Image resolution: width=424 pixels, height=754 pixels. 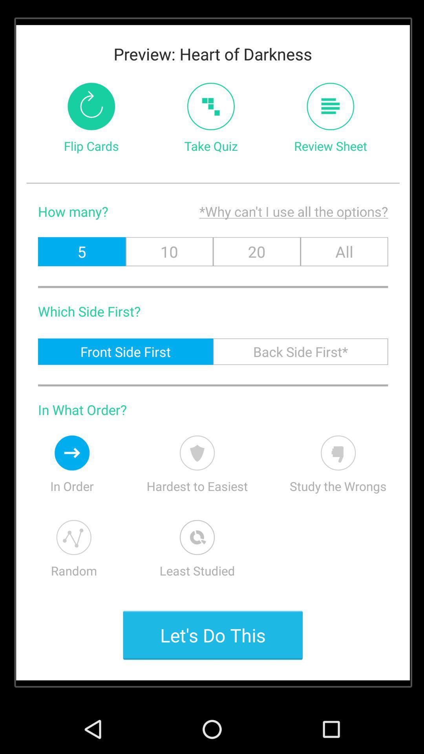 I want to click on wrong answers first option, so click(x=338, y=453).